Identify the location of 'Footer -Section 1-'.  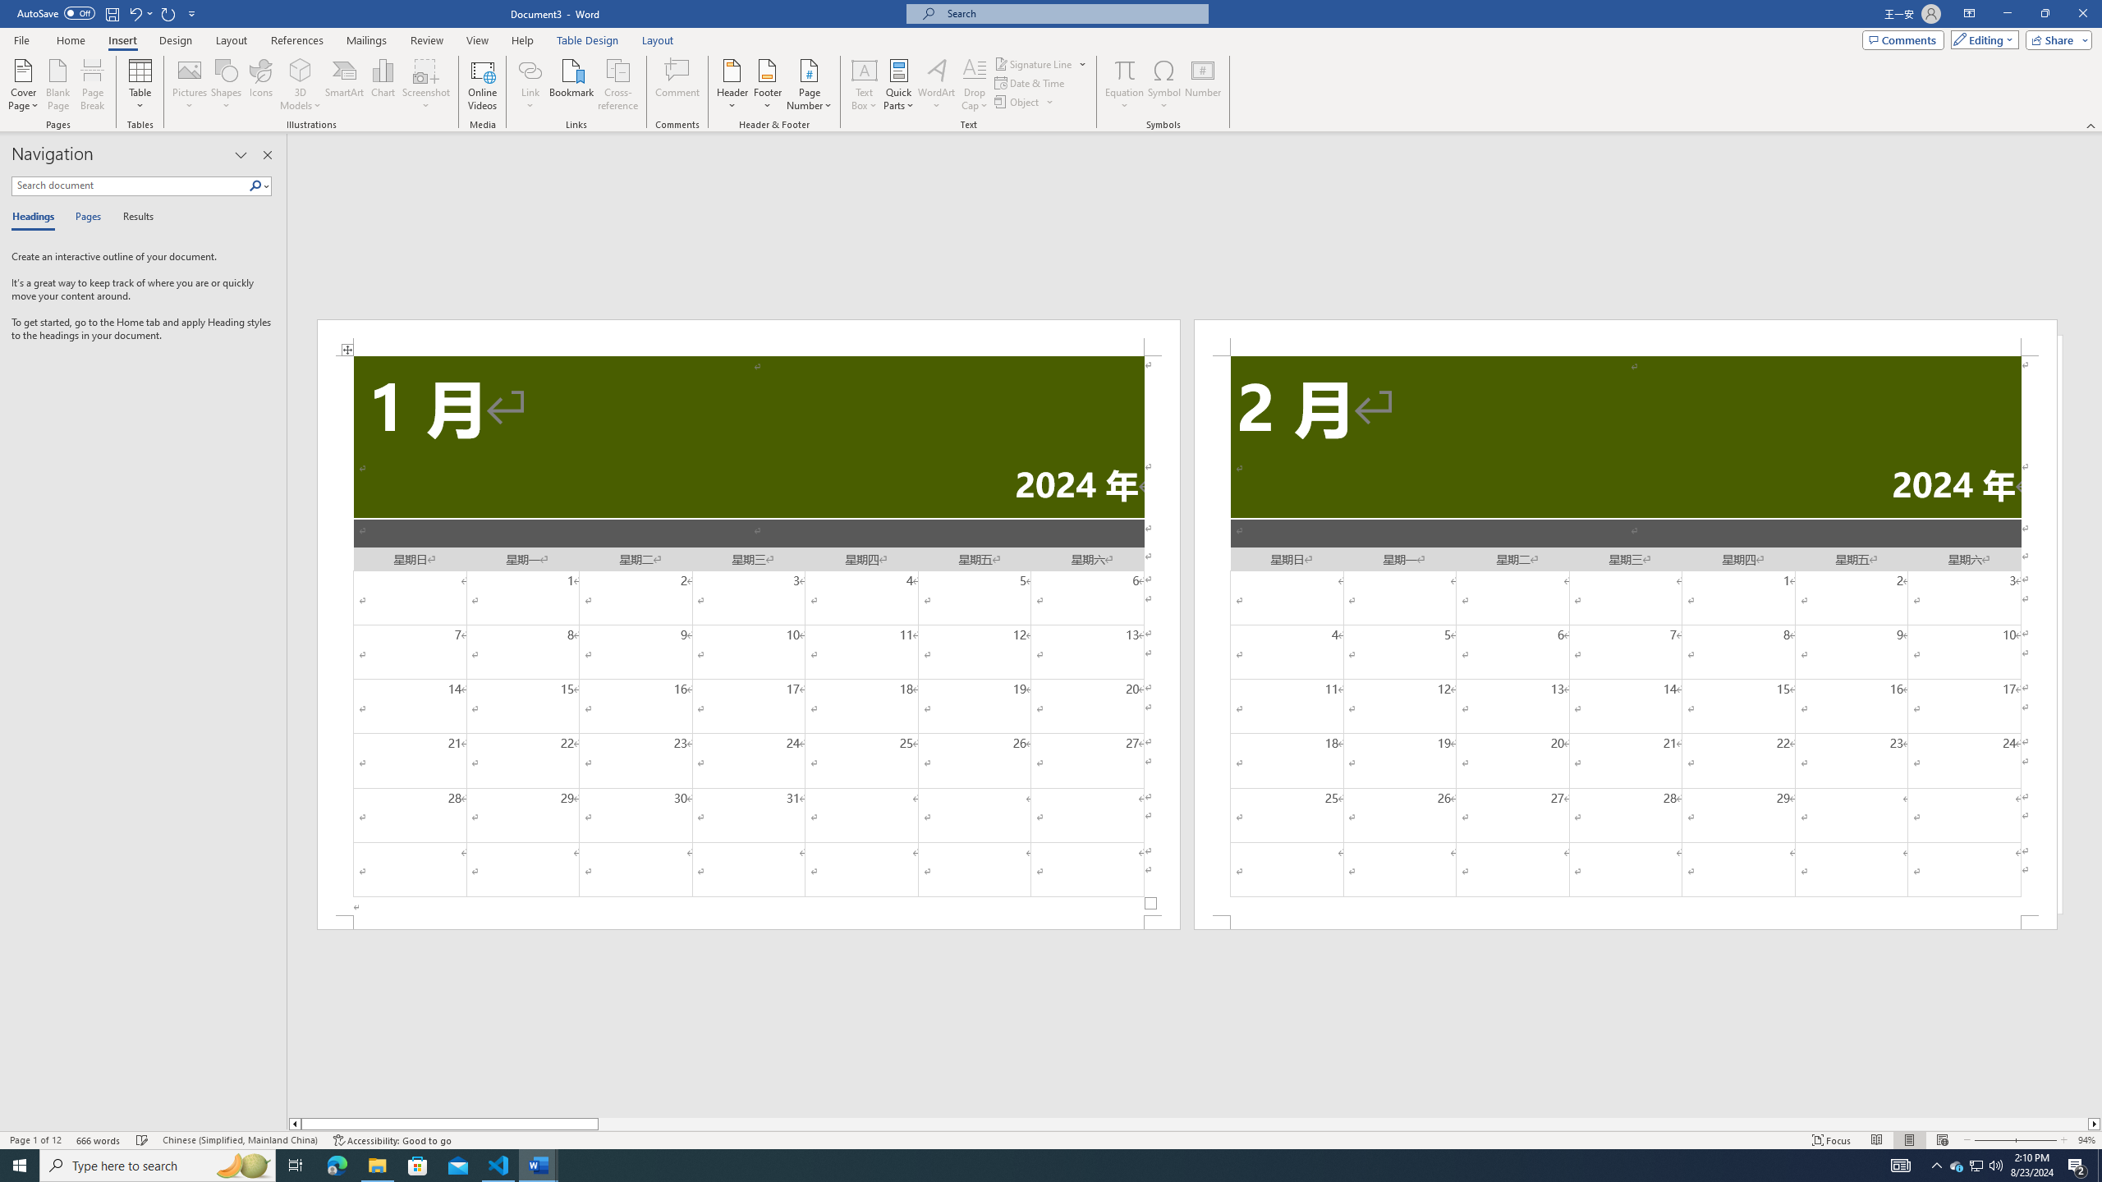
(749, 921).